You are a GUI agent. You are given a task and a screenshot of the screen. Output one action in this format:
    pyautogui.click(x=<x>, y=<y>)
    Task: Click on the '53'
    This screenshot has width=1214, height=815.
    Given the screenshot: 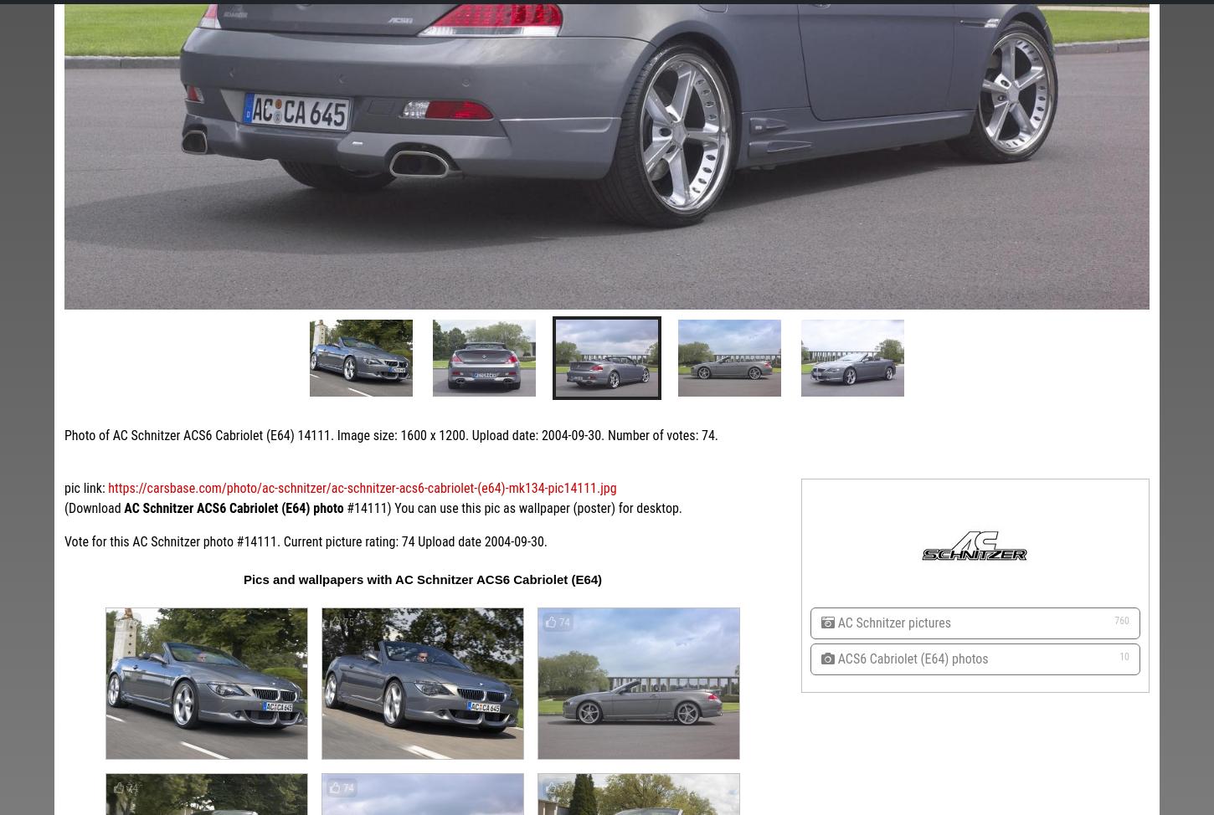 What is the action you would take?
    pyautogui.click(x=635, y=415)
    